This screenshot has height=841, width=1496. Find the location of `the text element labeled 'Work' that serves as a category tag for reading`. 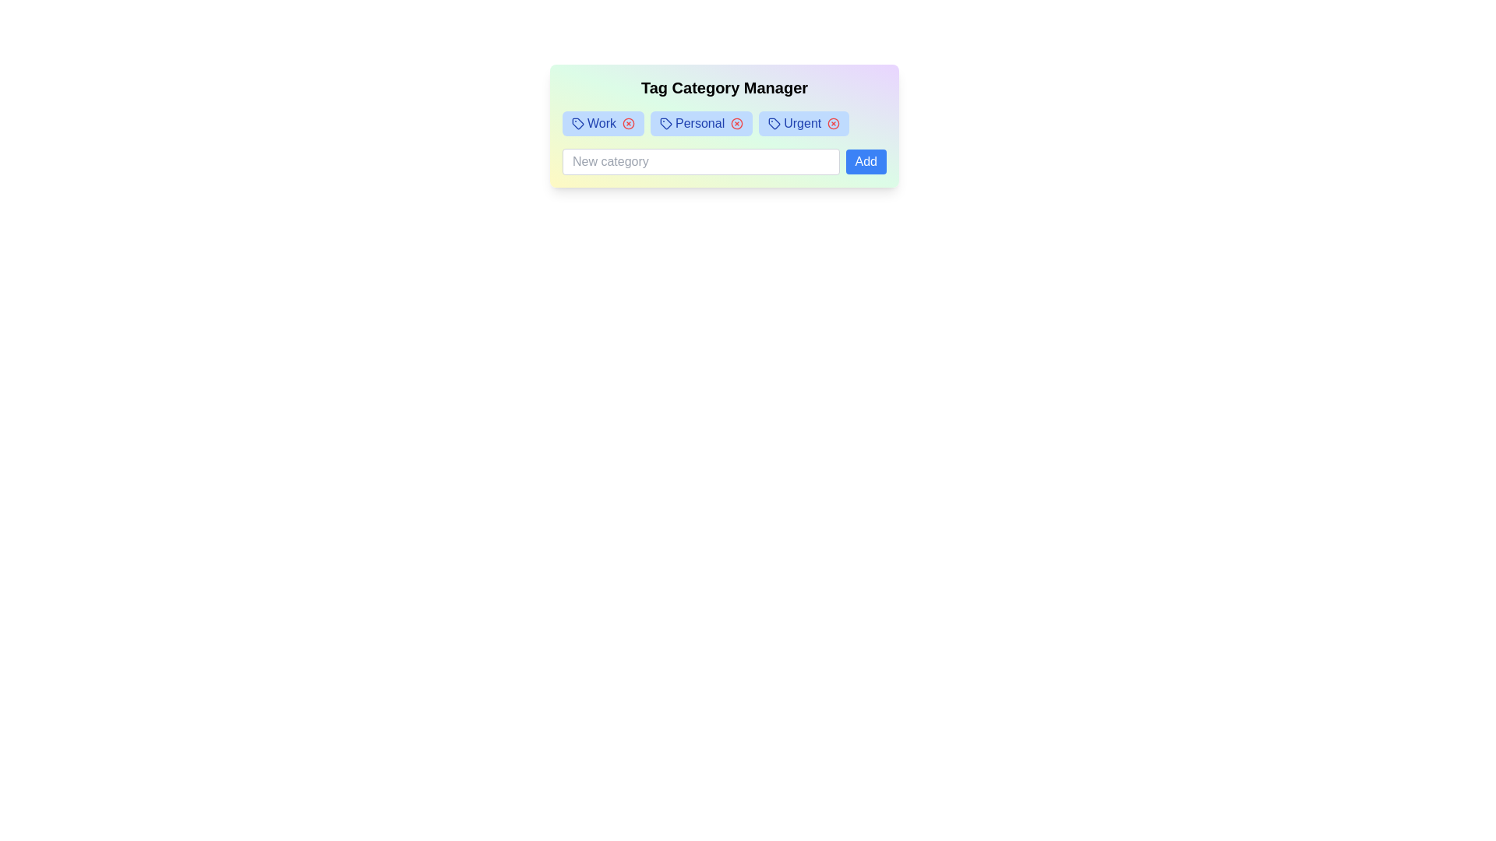

the text element labeled 'Work' that serves as a category tag for reading is located at coordinates (601, 122).